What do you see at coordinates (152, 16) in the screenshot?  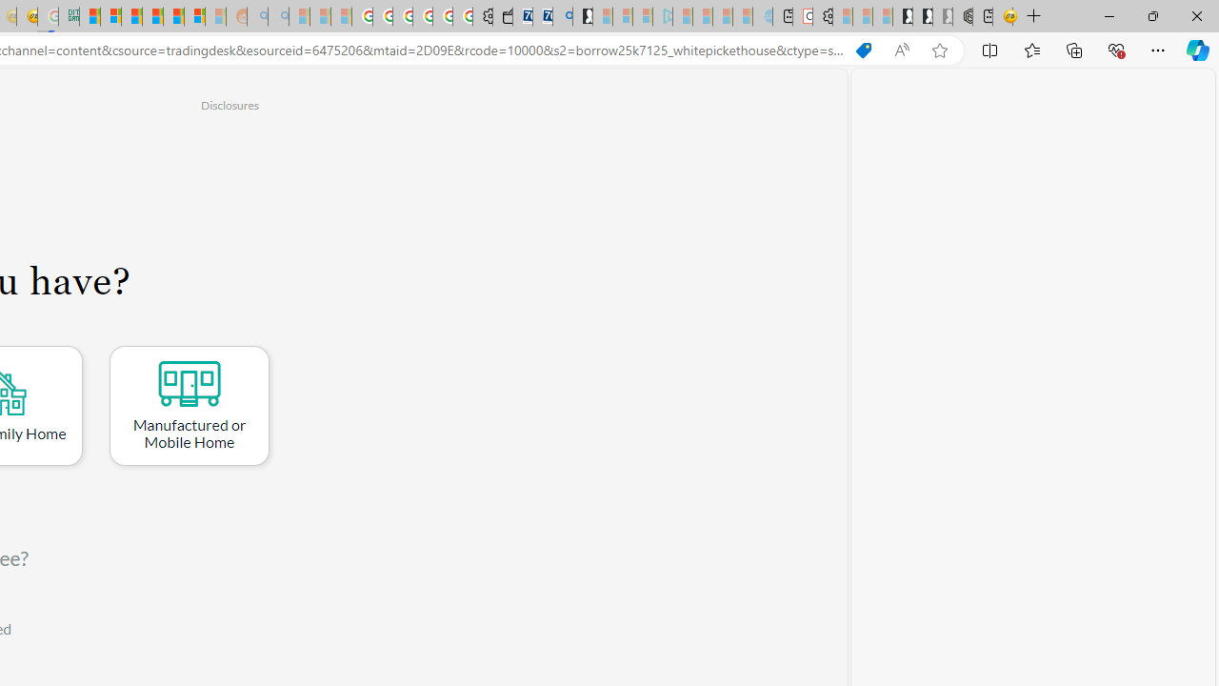 I see `'Expert Portfolios'` at bounding box center [152, 16].